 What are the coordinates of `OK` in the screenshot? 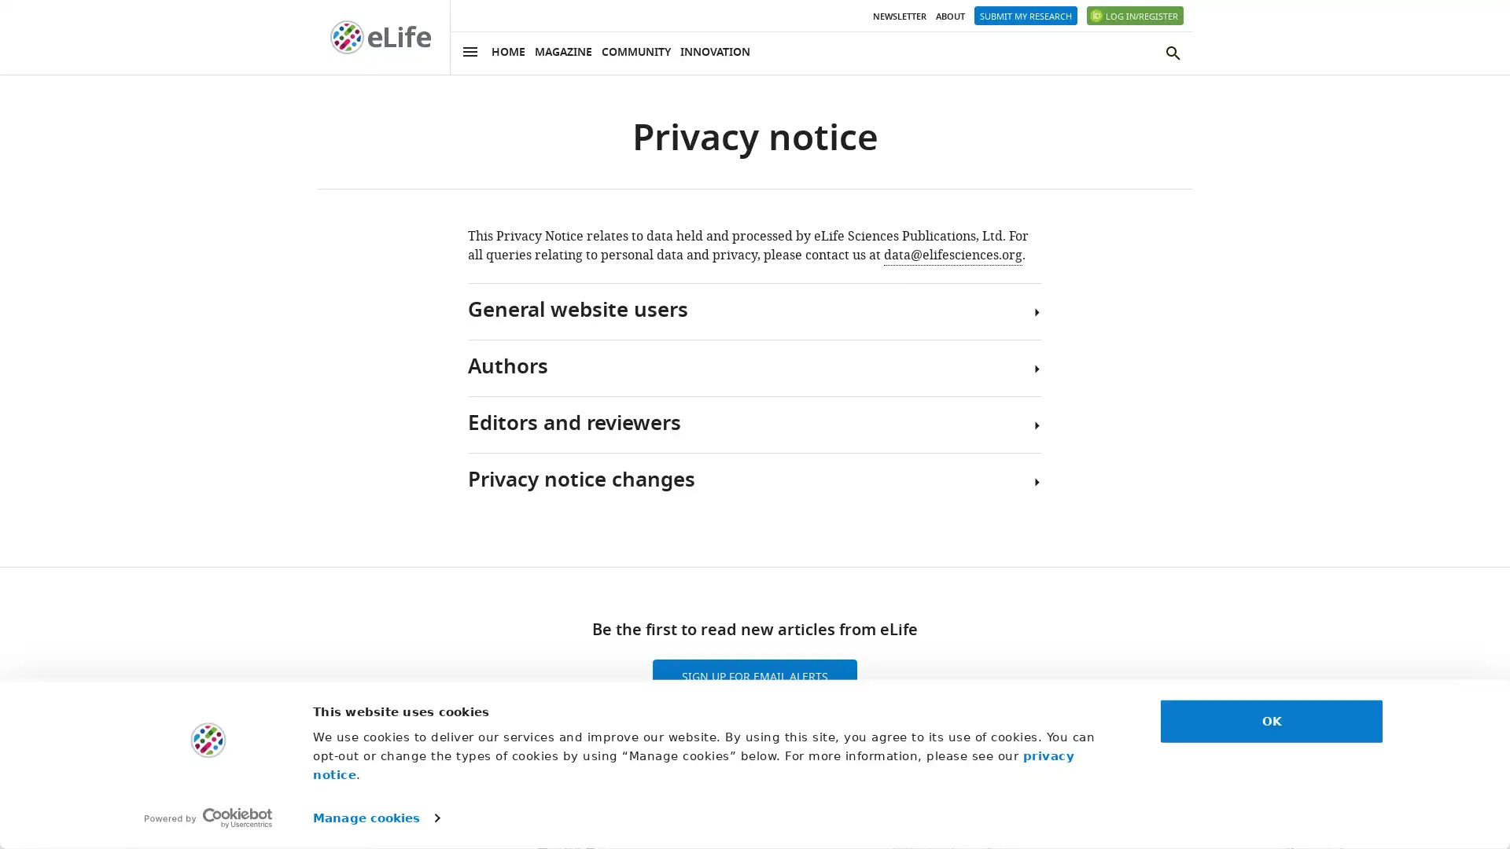 It's located at (1272, 721).